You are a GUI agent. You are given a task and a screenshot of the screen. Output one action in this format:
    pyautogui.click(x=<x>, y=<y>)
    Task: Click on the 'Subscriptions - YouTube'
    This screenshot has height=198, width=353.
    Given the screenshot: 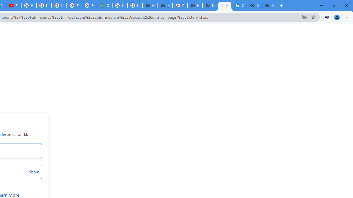 What is the action you would take?
    pyautogui.click(x=14, y=5)
    